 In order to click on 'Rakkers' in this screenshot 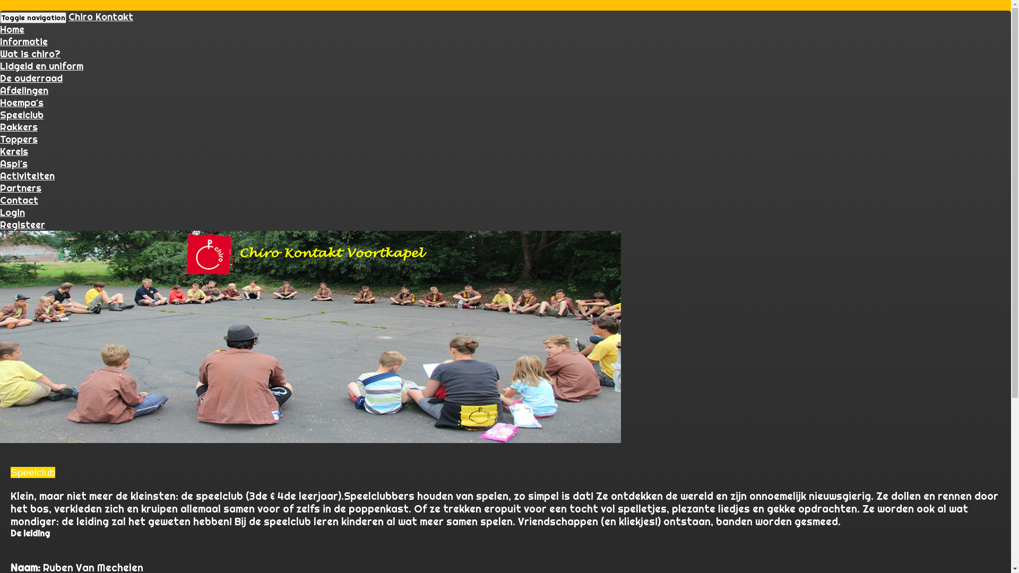, I will do `click(19, 126)`.